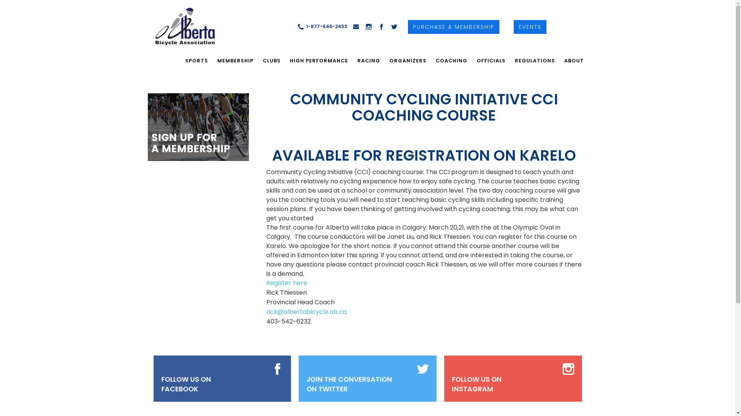  What do you see at coordinates (574, 60) in the screenshot?
I see `'ABOUT'` at bounding box center [574, 60].